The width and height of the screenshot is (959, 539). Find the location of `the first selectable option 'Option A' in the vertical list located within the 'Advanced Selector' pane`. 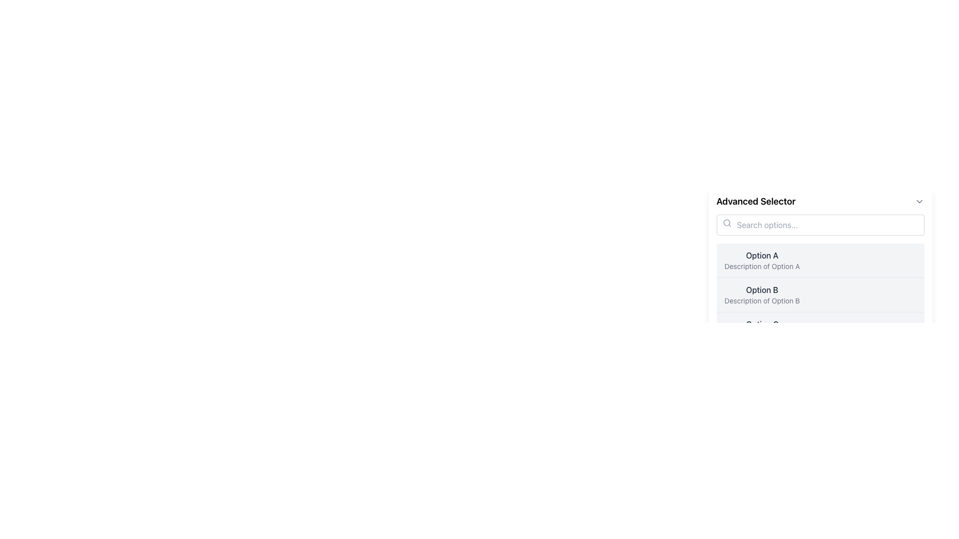

the first selectable option 'Option A' in the vertical list located within the 'Advanced Selector' pane is located at coordinates (820, 260).